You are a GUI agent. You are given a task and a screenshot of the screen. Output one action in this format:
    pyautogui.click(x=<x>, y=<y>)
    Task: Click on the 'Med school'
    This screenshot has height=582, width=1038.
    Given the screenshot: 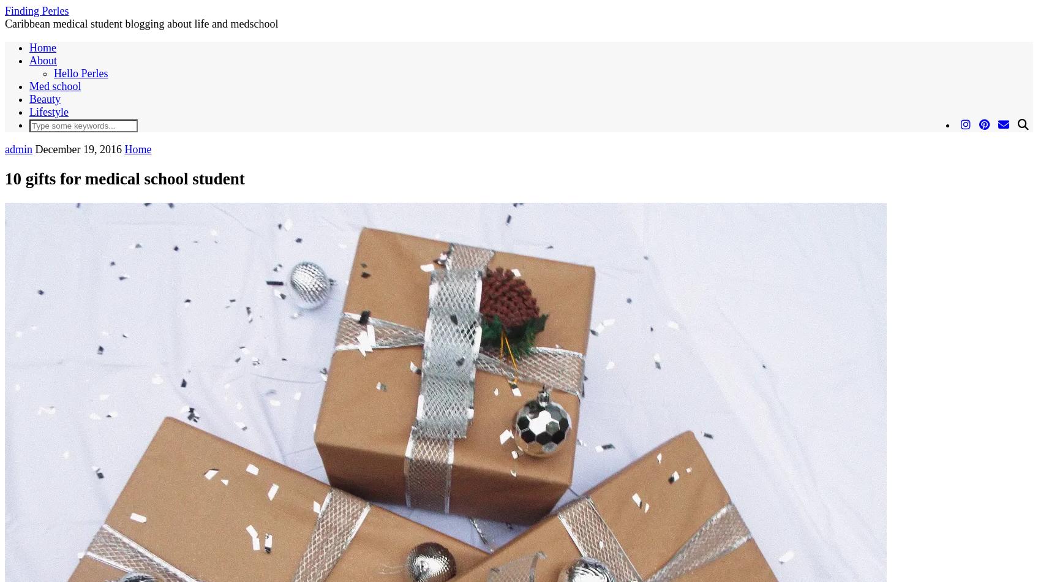 What is the action you would take?
    pyautogui.click(x=55, y=86)
    